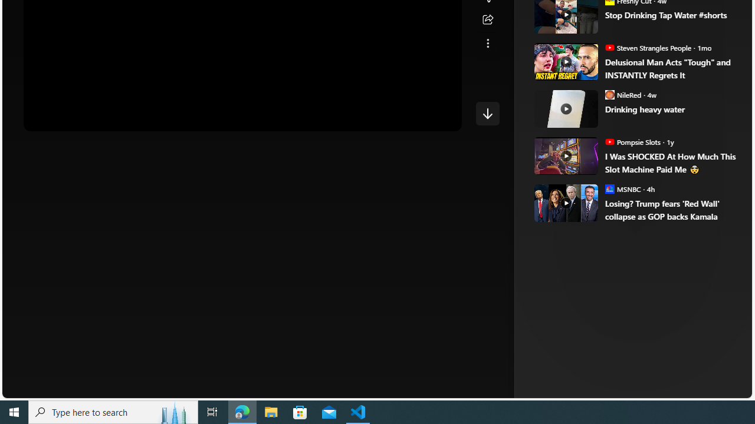 This screenshot has height=424, width=755. What do you see at coordinates (487, 113) in the screenshot?
I see `'Class: control'` at bounding box center [487, 113].